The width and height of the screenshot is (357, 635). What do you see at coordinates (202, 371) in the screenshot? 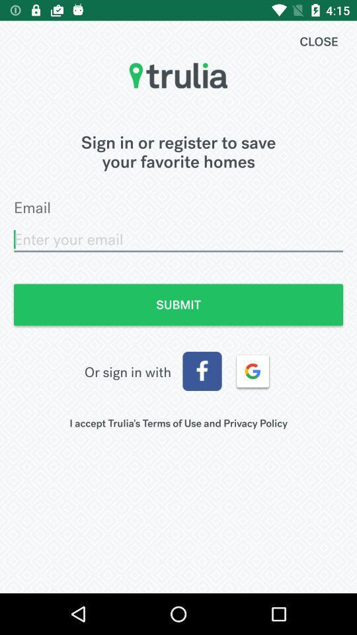
I see `icon next to the or sign in icon` at bounding box center [202, 371].